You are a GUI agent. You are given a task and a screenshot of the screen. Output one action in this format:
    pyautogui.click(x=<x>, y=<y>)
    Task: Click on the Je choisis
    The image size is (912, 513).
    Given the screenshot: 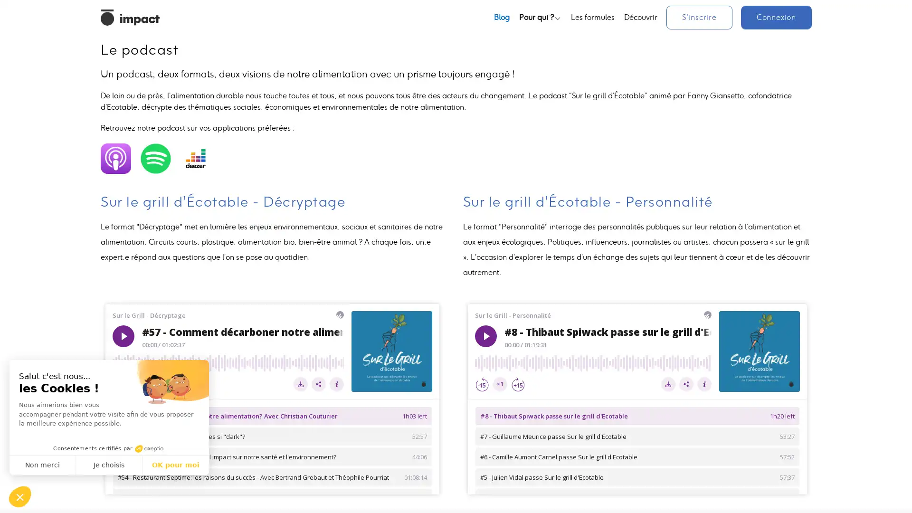 What is the action you would take?
    pyautogui.click(x=109, y=465)
    